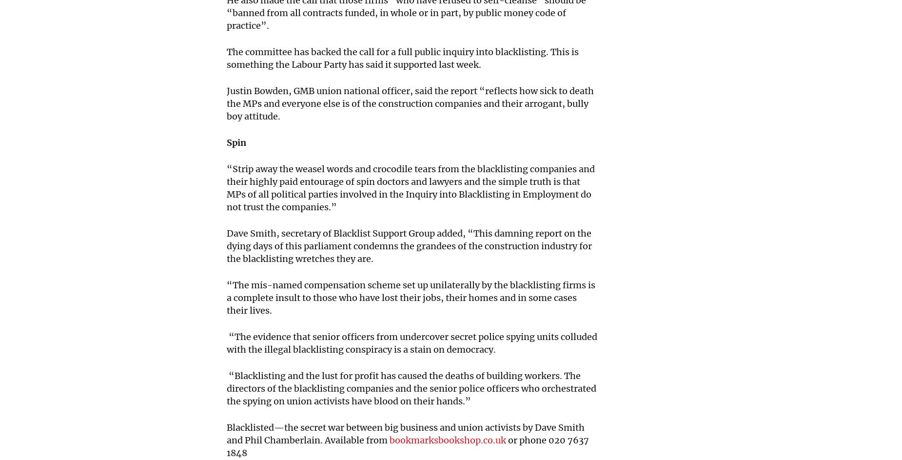  I want to click on 'Dave Smith, secretary of Blacklist Support Group added, “This damning report on the dying days of this parliament condemns the grandees of the construction industry for the blacklisting wretches they are.', so click(409, 245).